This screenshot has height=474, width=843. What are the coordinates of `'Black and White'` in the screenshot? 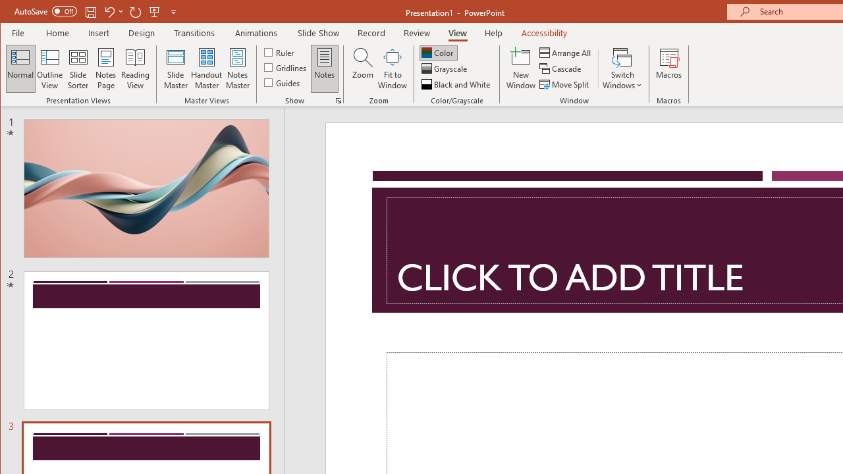 It's located at (457, 84).